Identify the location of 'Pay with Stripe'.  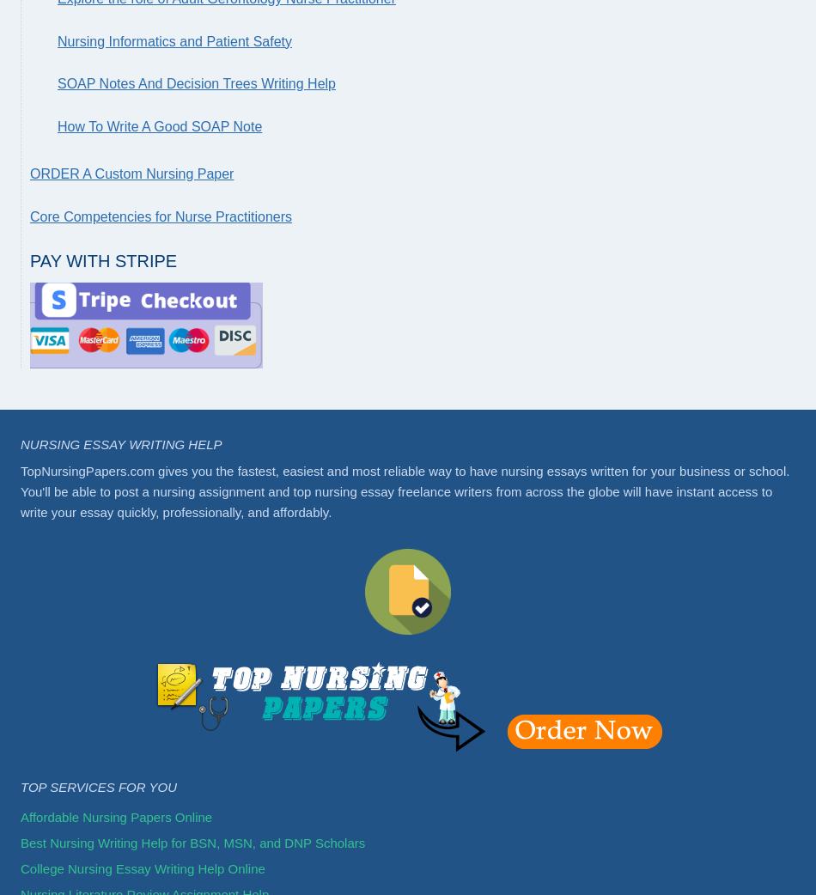
(103, 260).